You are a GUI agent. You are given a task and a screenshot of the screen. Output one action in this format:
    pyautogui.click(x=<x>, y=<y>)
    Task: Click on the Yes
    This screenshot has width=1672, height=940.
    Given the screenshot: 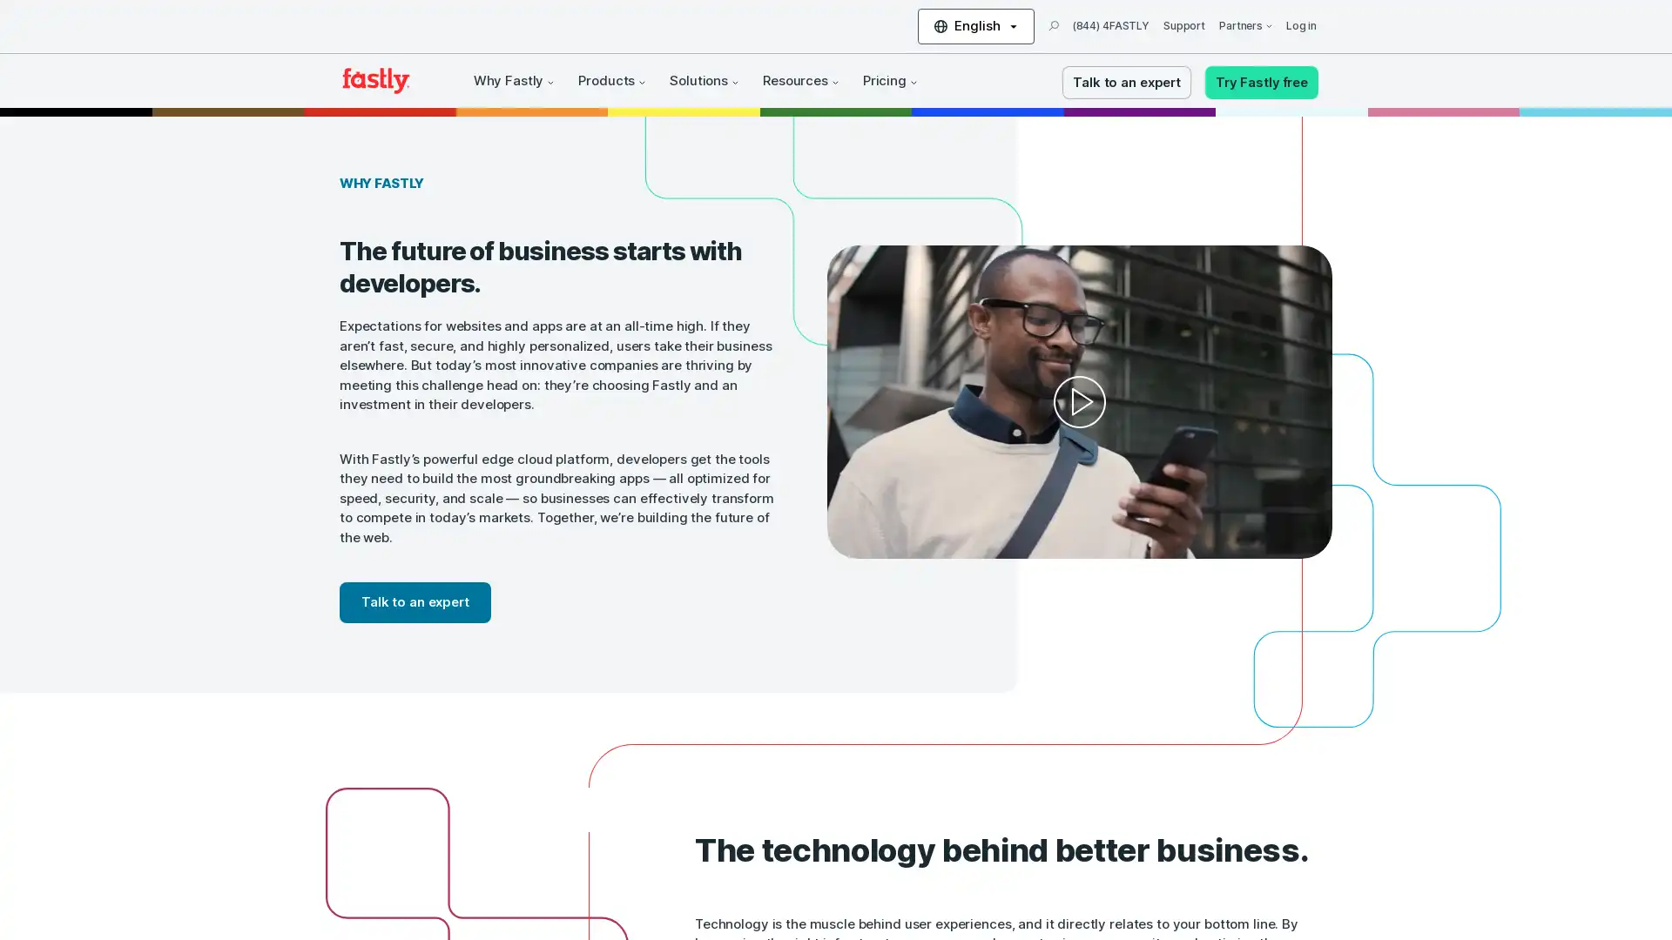 What is the action you would take?
    pyautogui.click(x=177, y=828)
    